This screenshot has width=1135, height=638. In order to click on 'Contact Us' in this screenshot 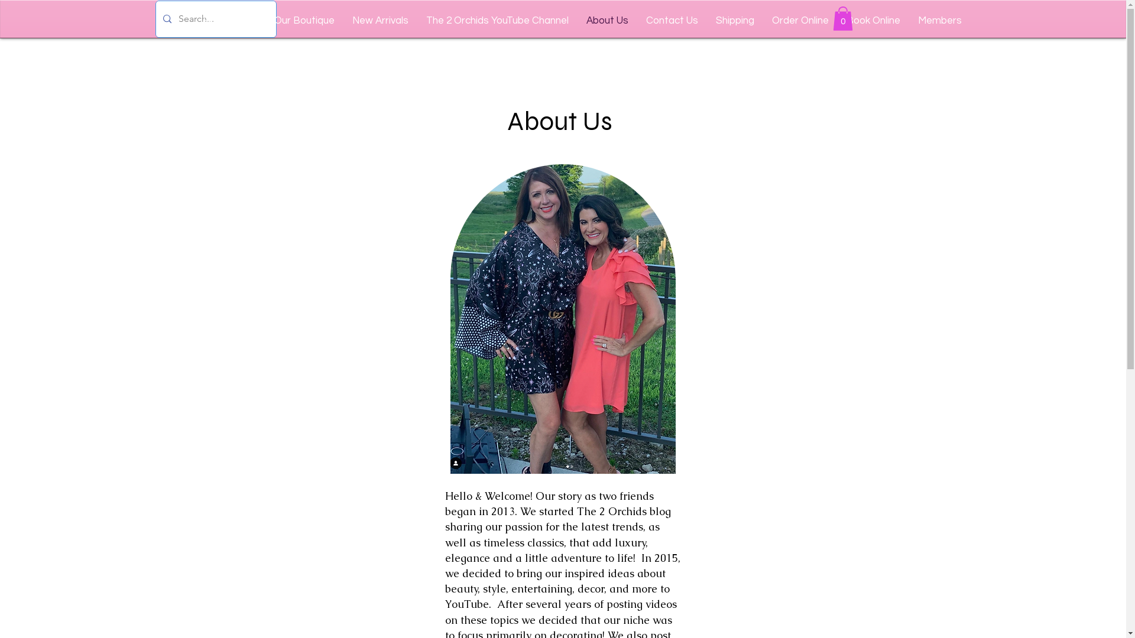, I will do `click(672, 21)`.